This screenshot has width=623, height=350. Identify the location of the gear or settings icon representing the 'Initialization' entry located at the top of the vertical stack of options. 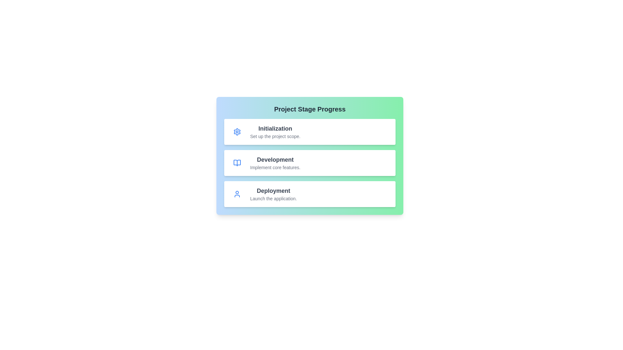
(237, 132).